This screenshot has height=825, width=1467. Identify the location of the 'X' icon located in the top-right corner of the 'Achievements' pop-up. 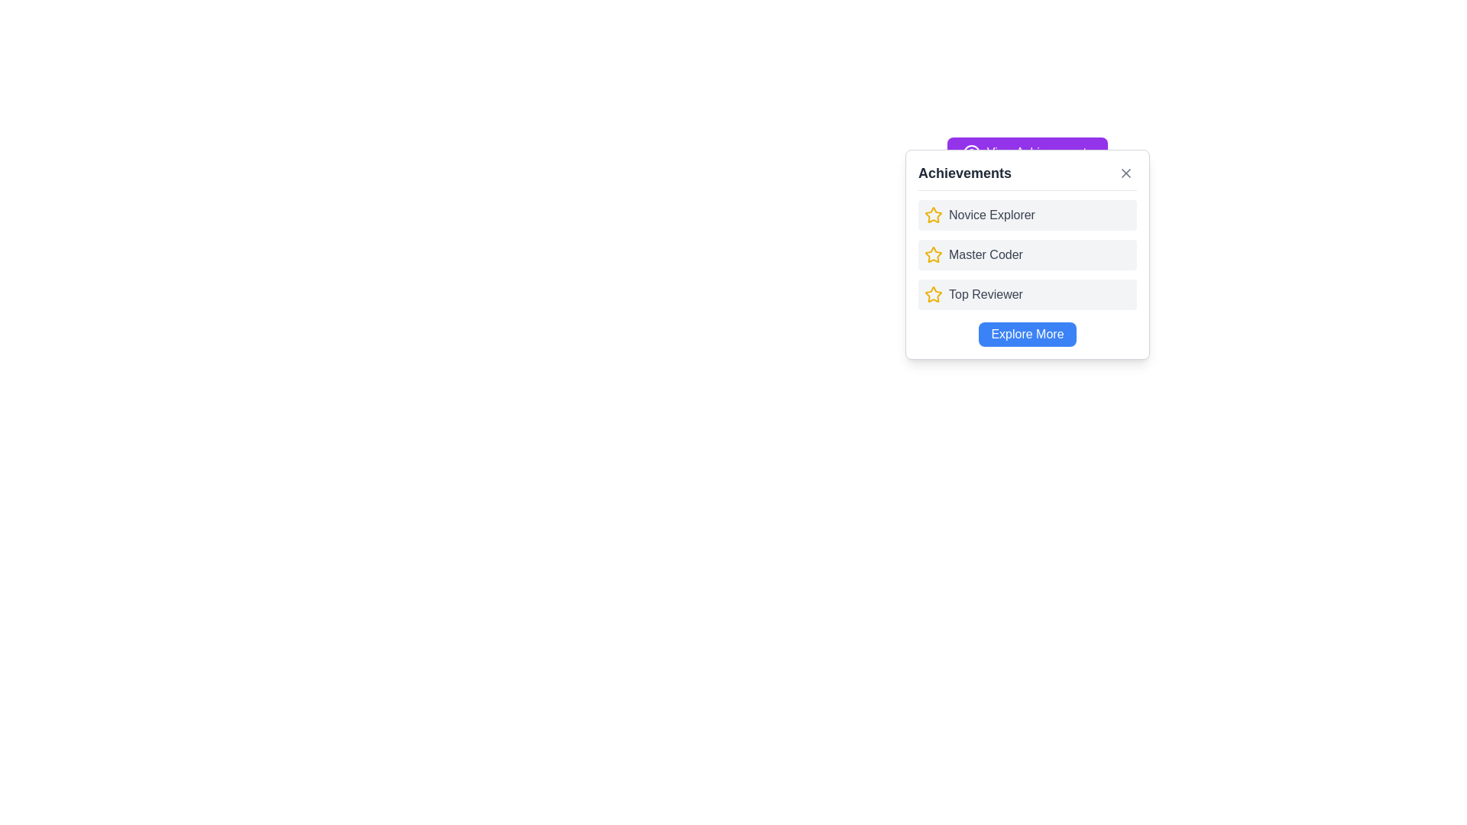
(1125, 173).